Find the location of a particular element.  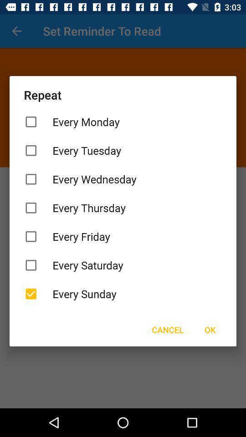

the every saturday is located at coordinates (123, 265).